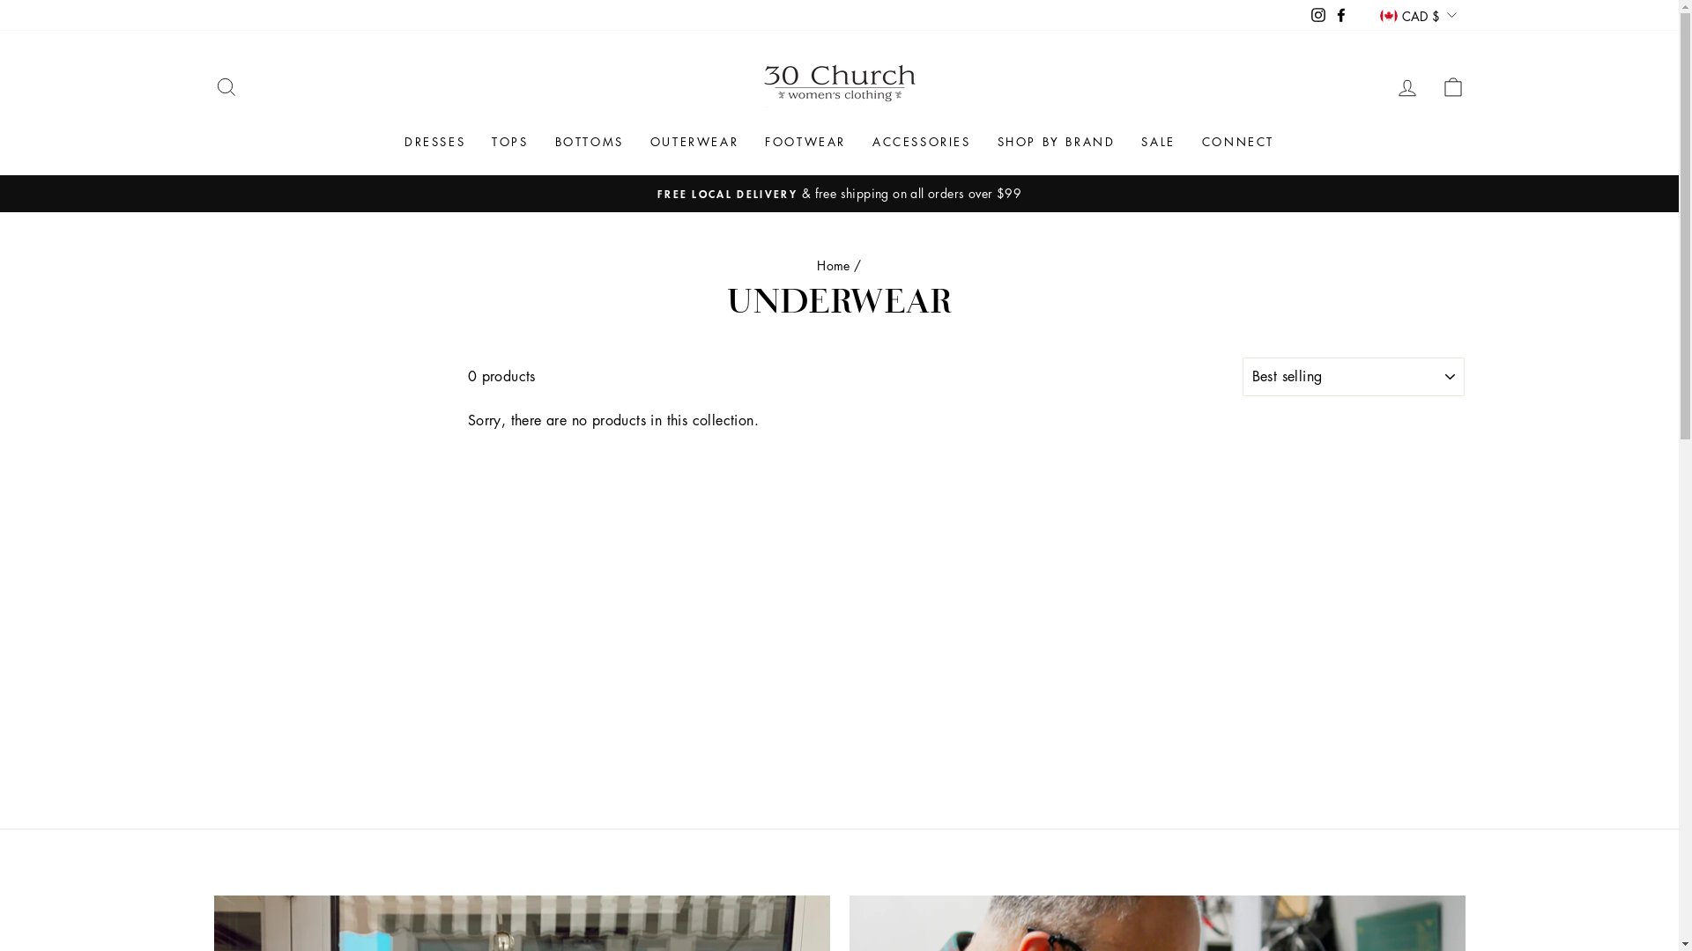 This screenshot has height=951, width=1692. I want to click on 'LOG IN', so click(1382, 87).